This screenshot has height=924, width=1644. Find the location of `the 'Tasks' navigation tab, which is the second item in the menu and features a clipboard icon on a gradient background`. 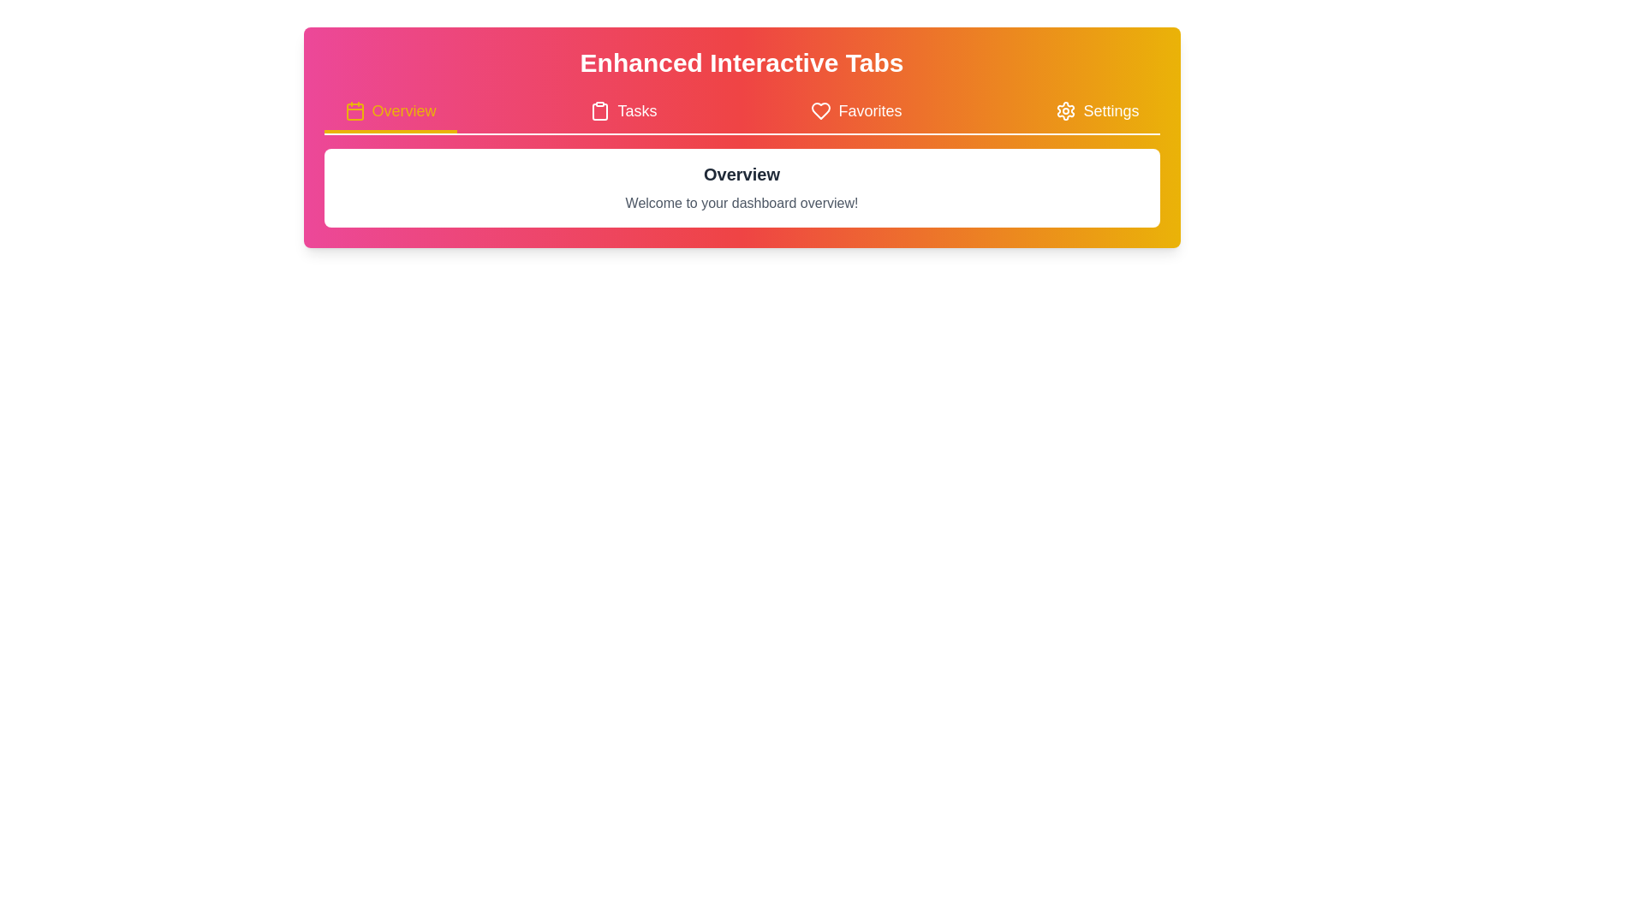

the 'Tasks' navigation tab, which is the second item in the menu and features a clipboard icon on a gradient background is located at coordinates (622, 112).